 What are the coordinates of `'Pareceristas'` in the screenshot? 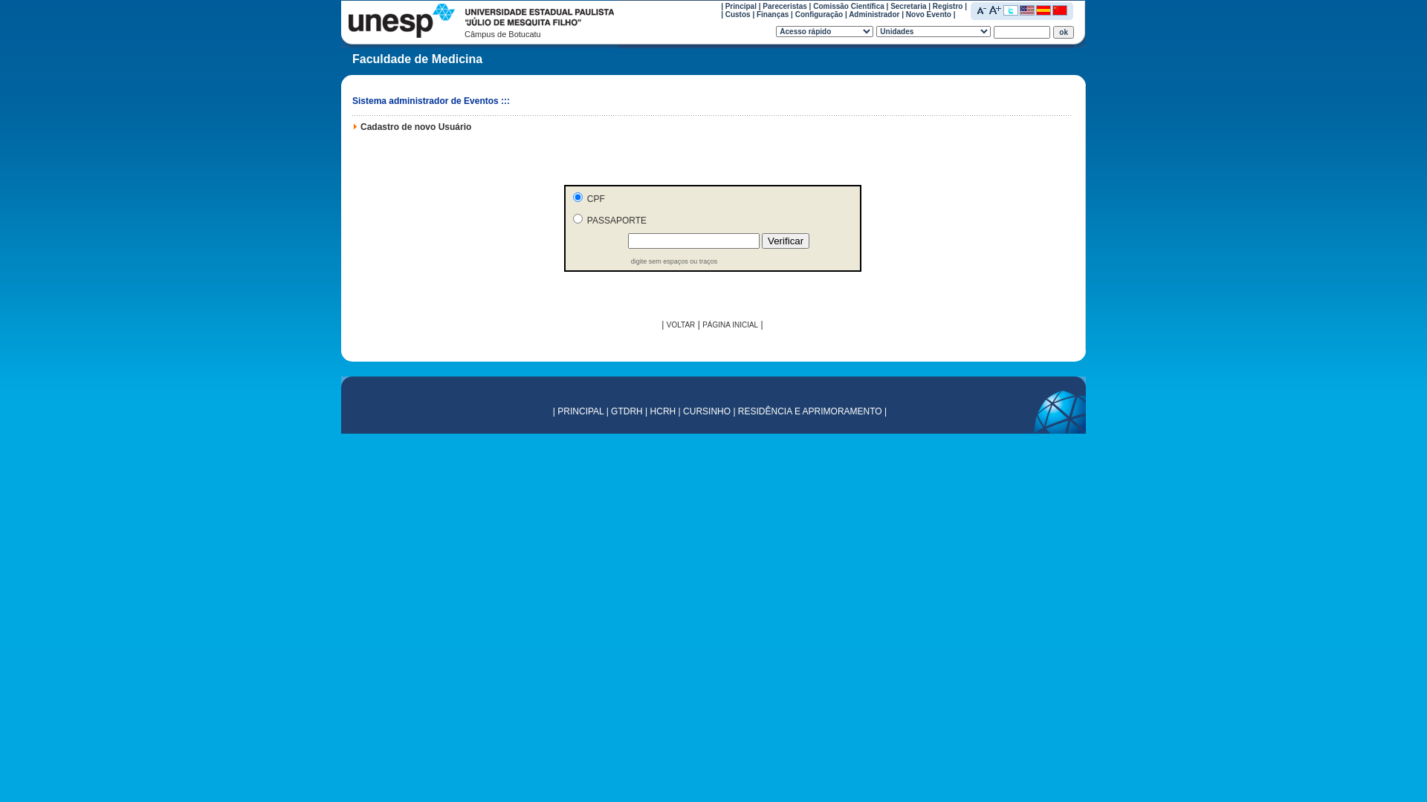 It's located at (784, 5).